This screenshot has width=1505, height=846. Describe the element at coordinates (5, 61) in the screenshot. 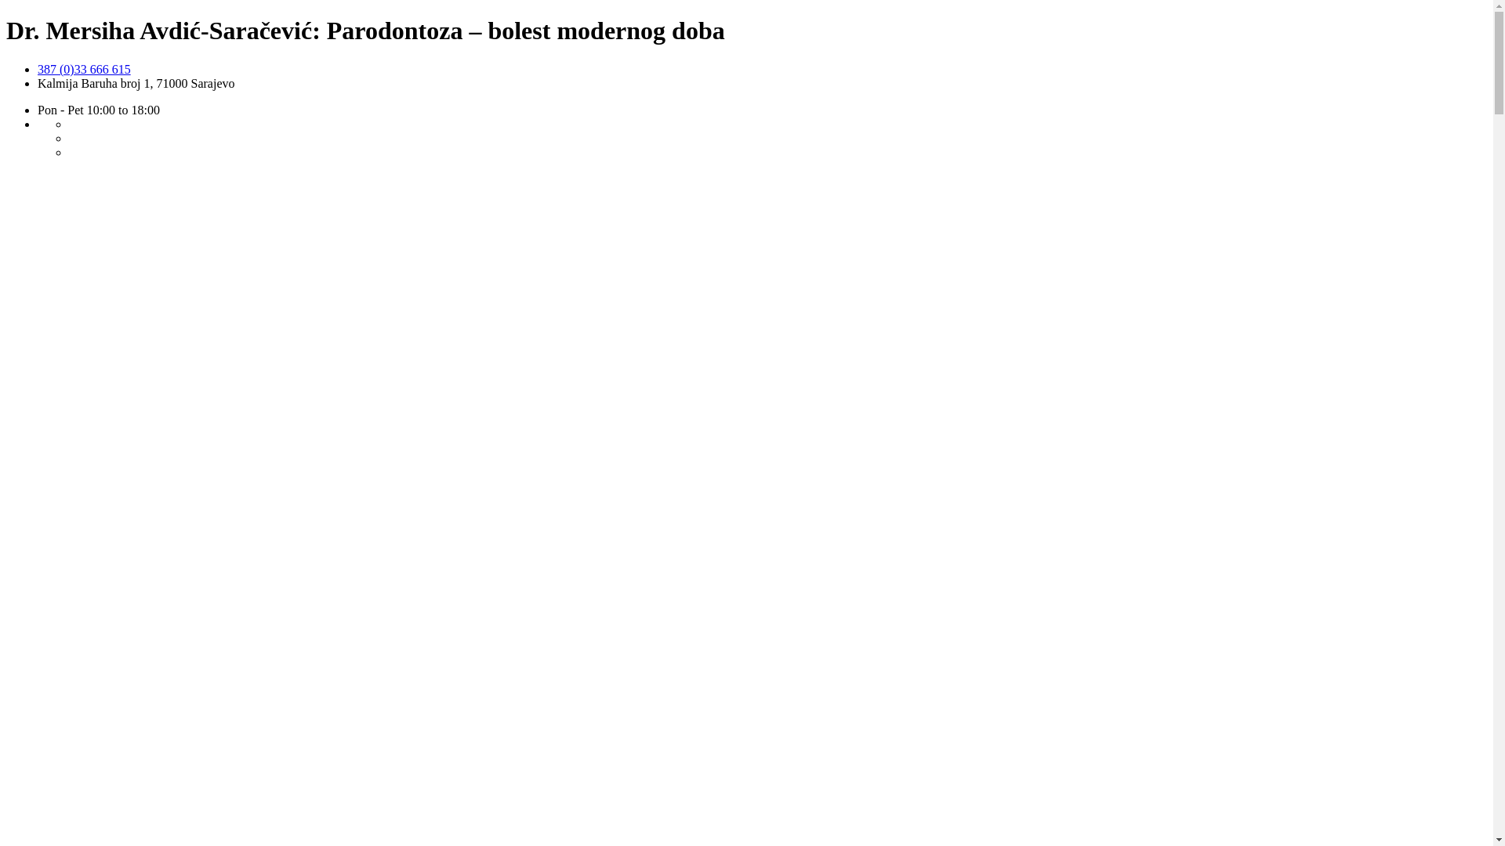

I see `'Skip to content'` at that location.